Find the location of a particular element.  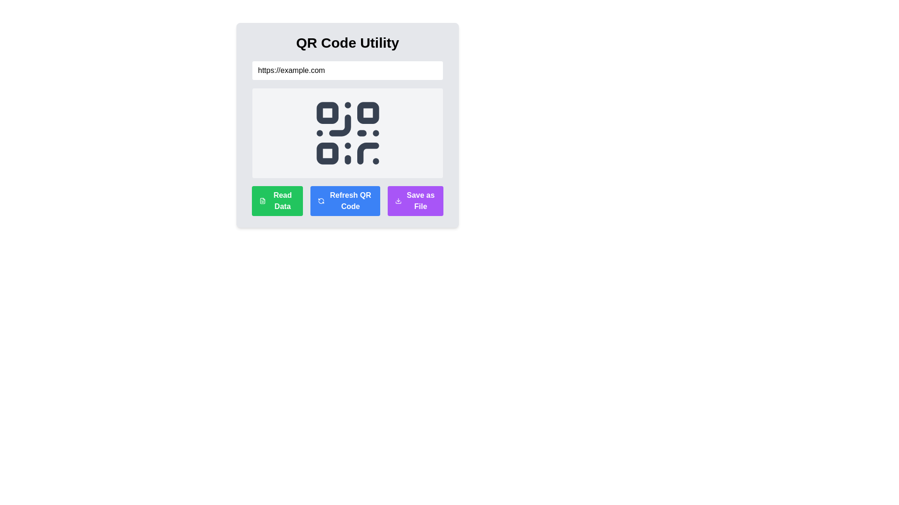

the green button representing the 'Read Data' action, which includes an icon to the left of the text label is located at coordinates (262, 200).